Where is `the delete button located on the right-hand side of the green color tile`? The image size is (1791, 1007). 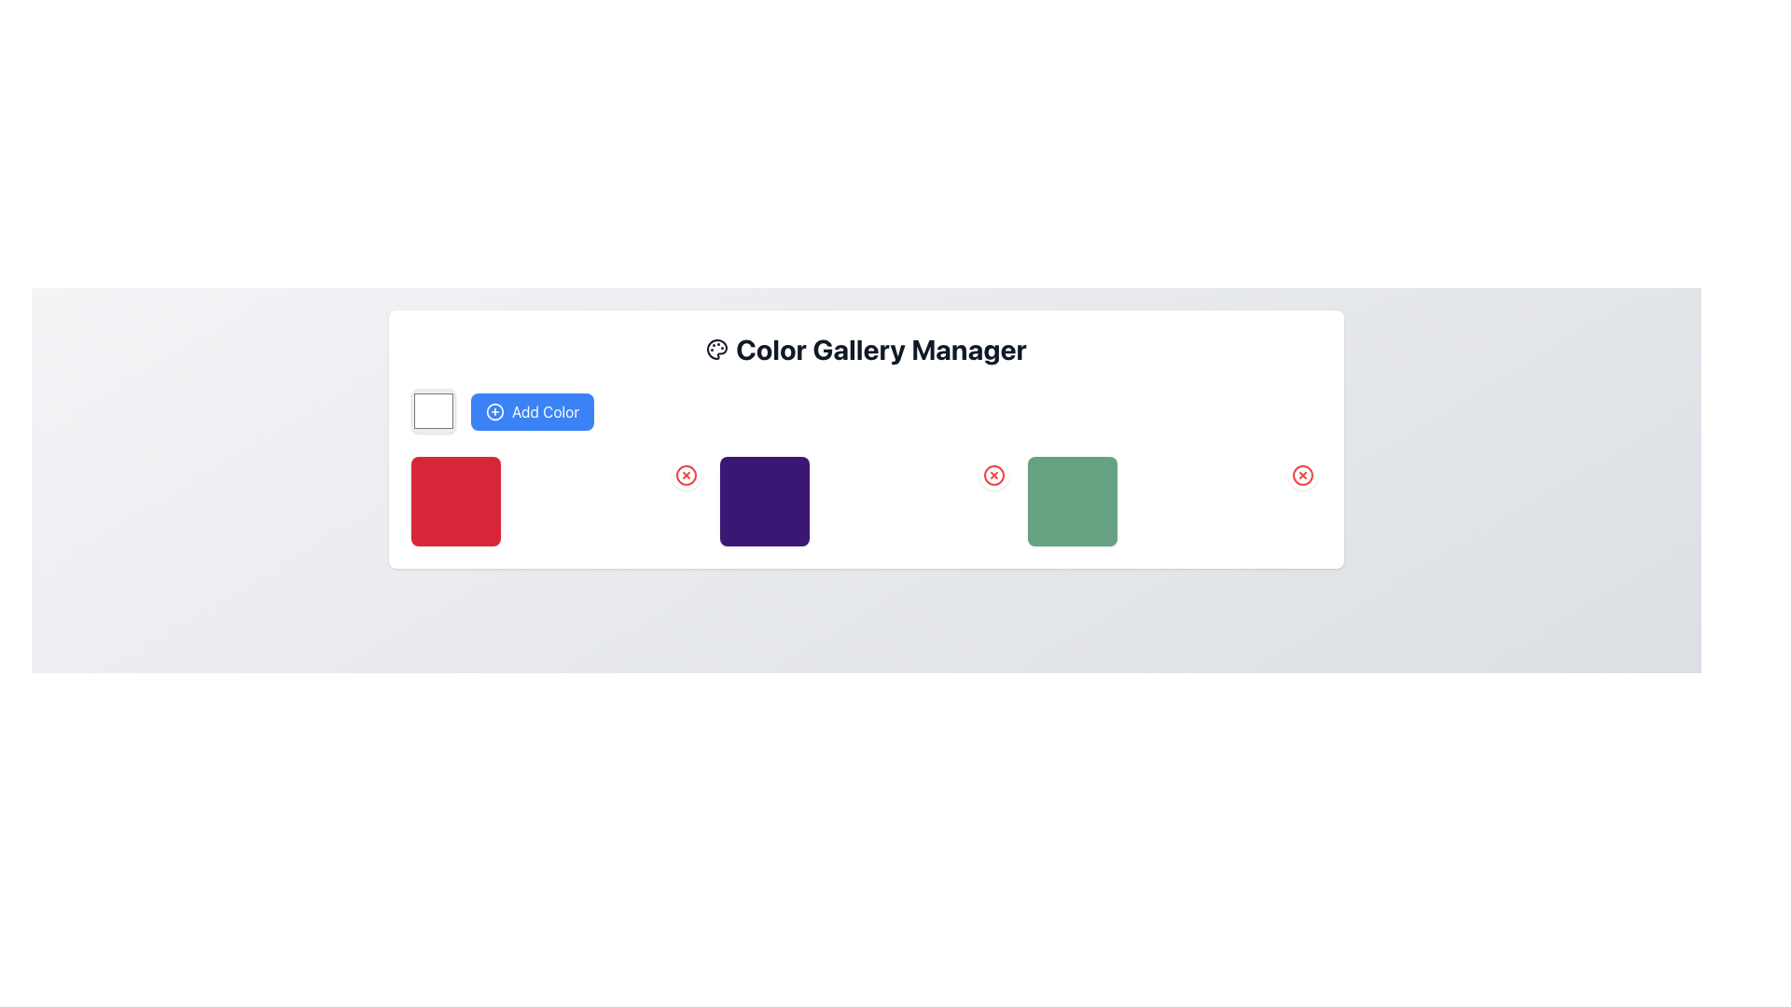
the delete button located on the right-hand side of the green color tile is located at coordinates (1301, 474).